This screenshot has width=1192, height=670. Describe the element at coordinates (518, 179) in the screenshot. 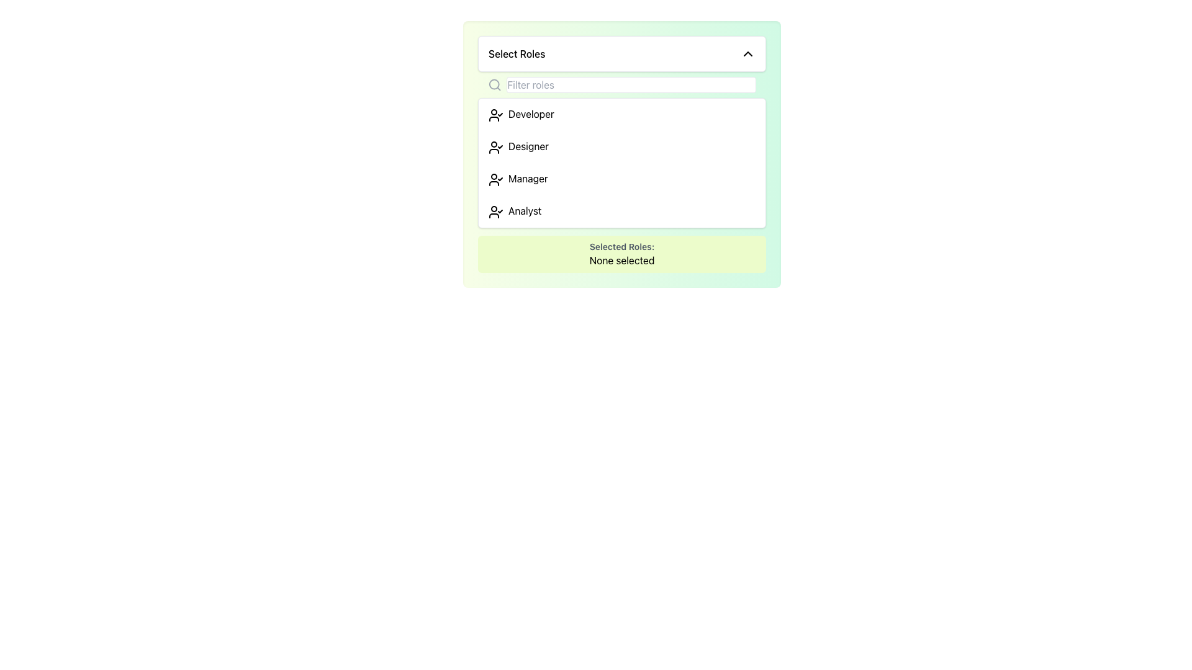

I see `the 'Manager' role option in the dropdown list` at that location.